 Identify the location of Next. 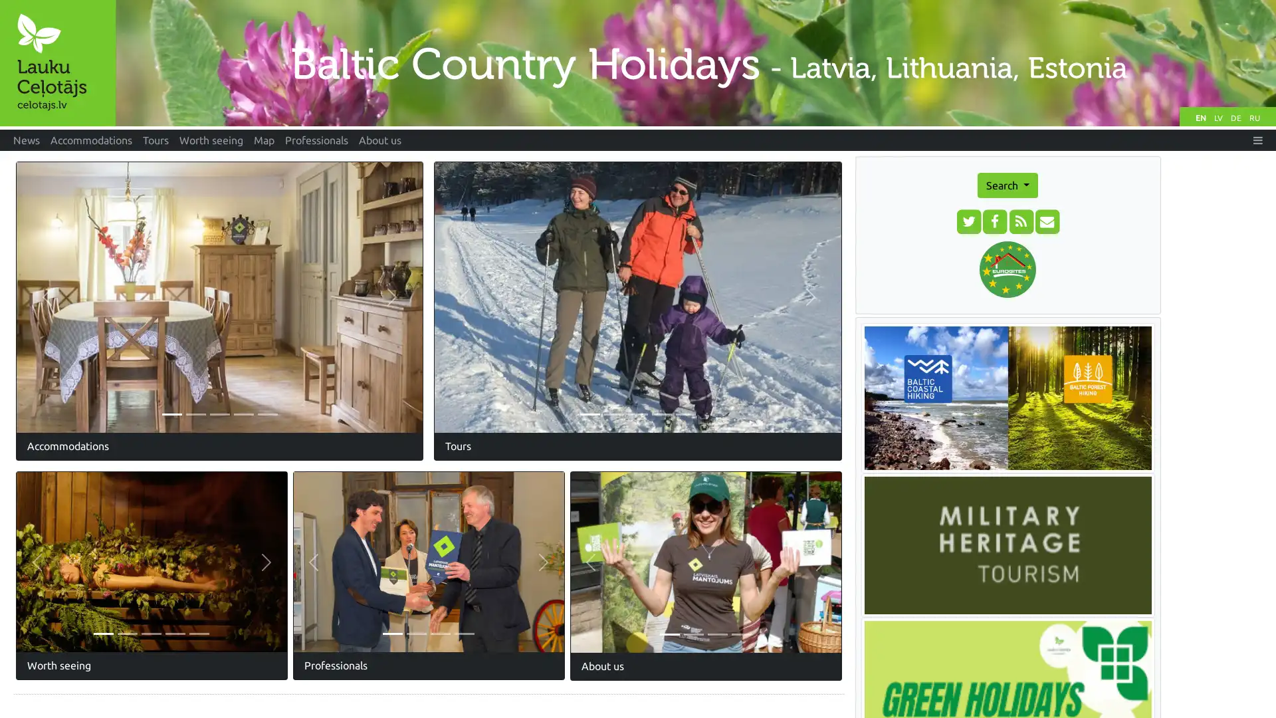
(543, 562).